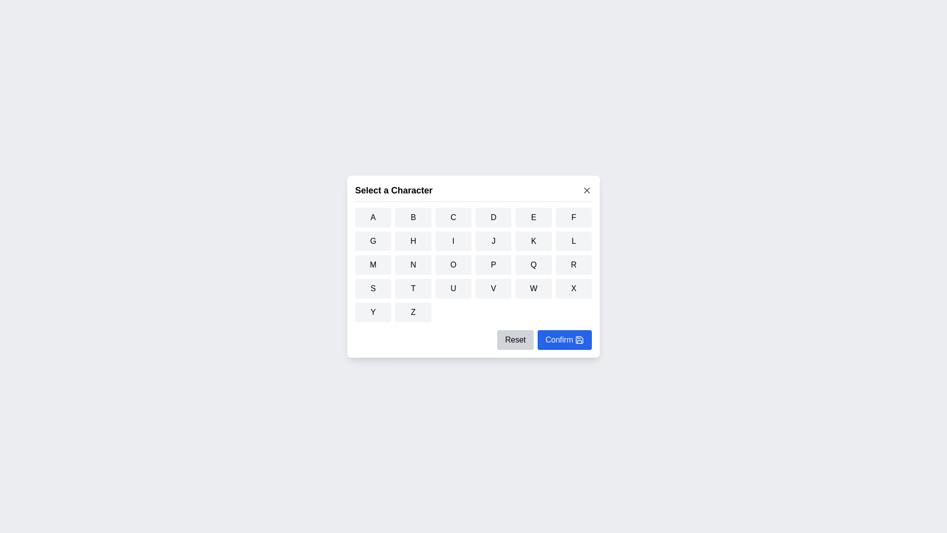 This screenshot has height=533, width=947. Describe the element at coordinates (413, 241) in the screenshot. I see `the button corresponding to the character H to select it` at that location.